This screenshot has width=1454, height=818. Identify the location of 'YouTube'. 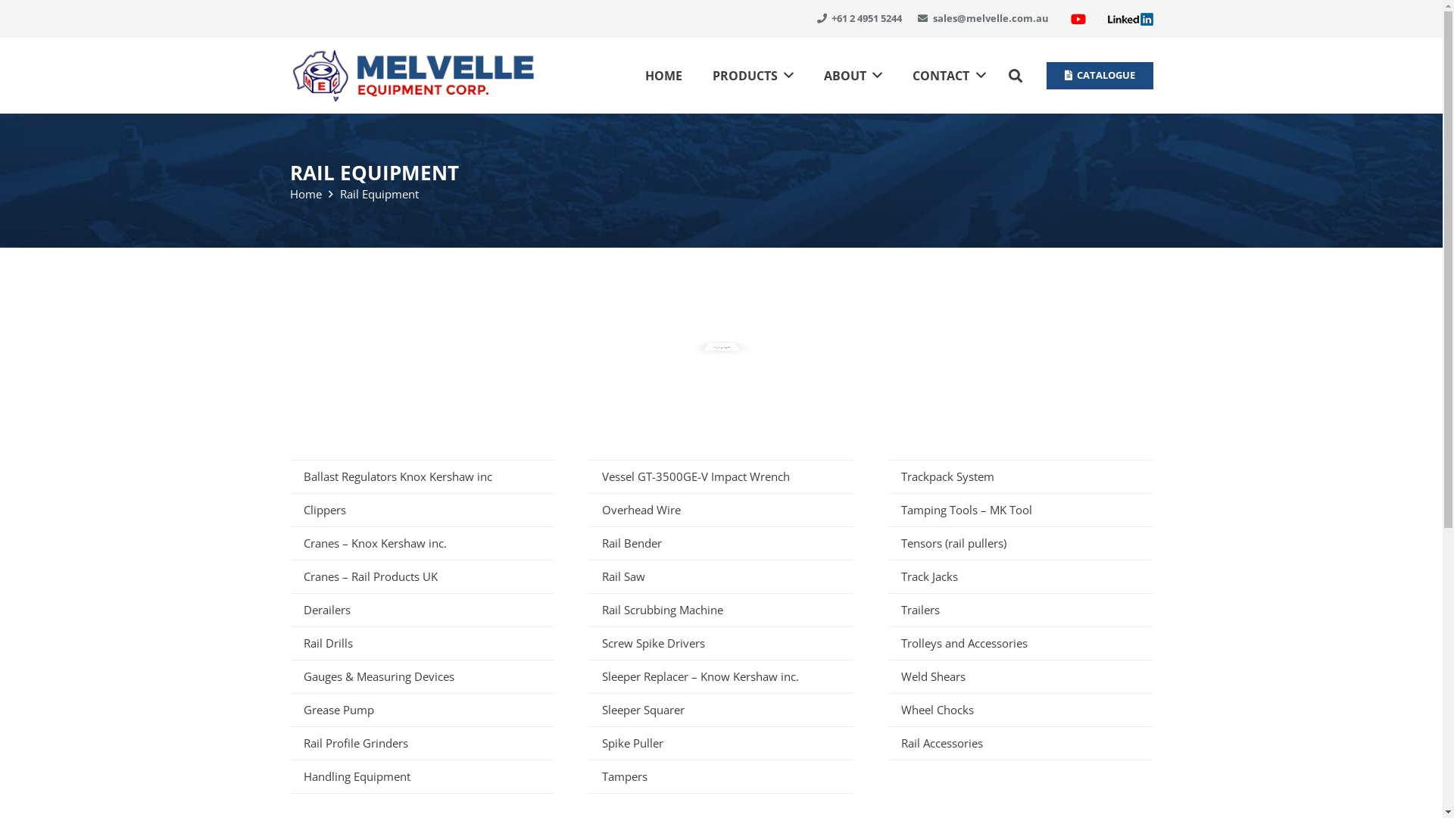
(1078, 18).